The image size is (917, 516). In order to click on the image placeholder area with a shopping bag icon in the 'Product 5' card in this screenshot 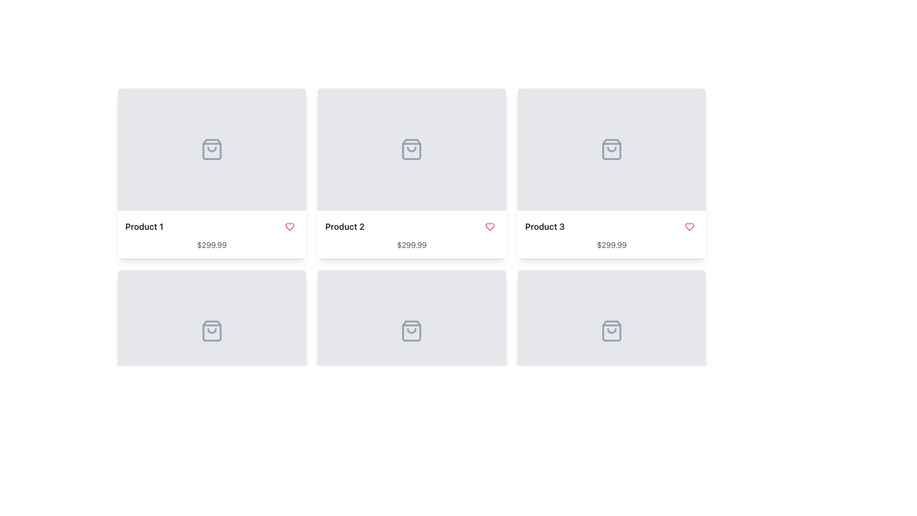, I will do `click(412, 331)`.